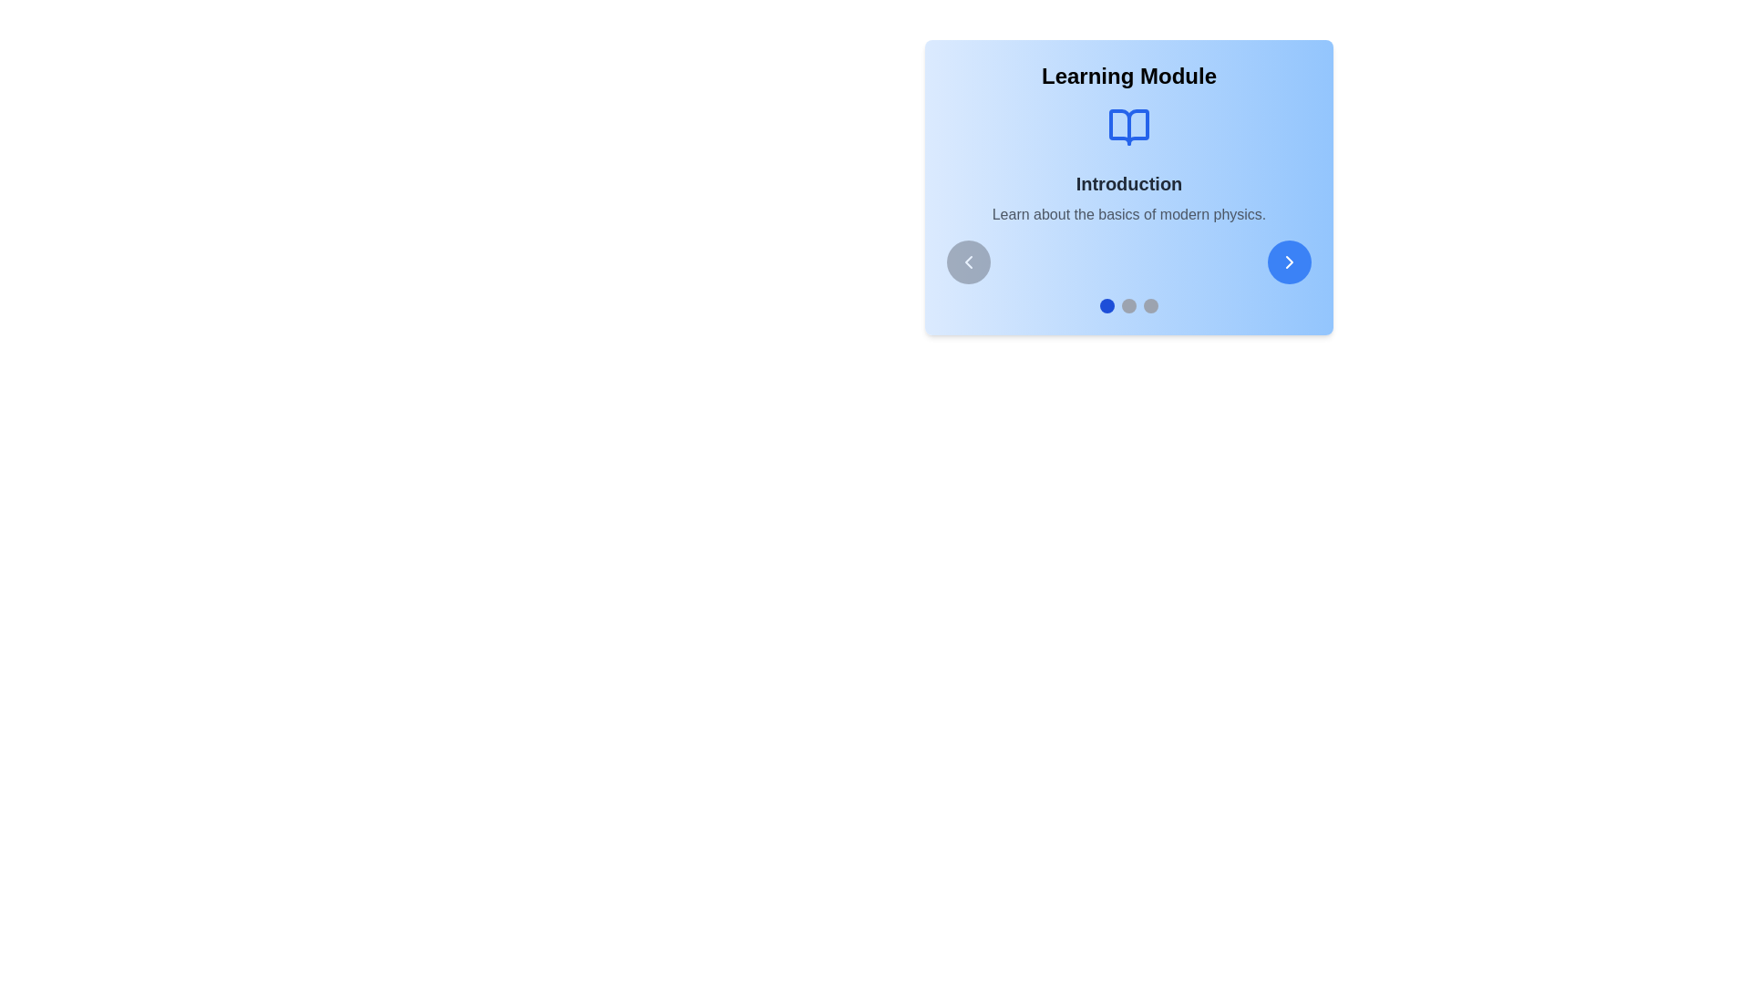  What do you see at coordinates (1127, 304) in the screenshot?
I see `the second circular progress indicator with a gray background located at the bottom of the module card to interact if active` at bounding box center [1127, 304].